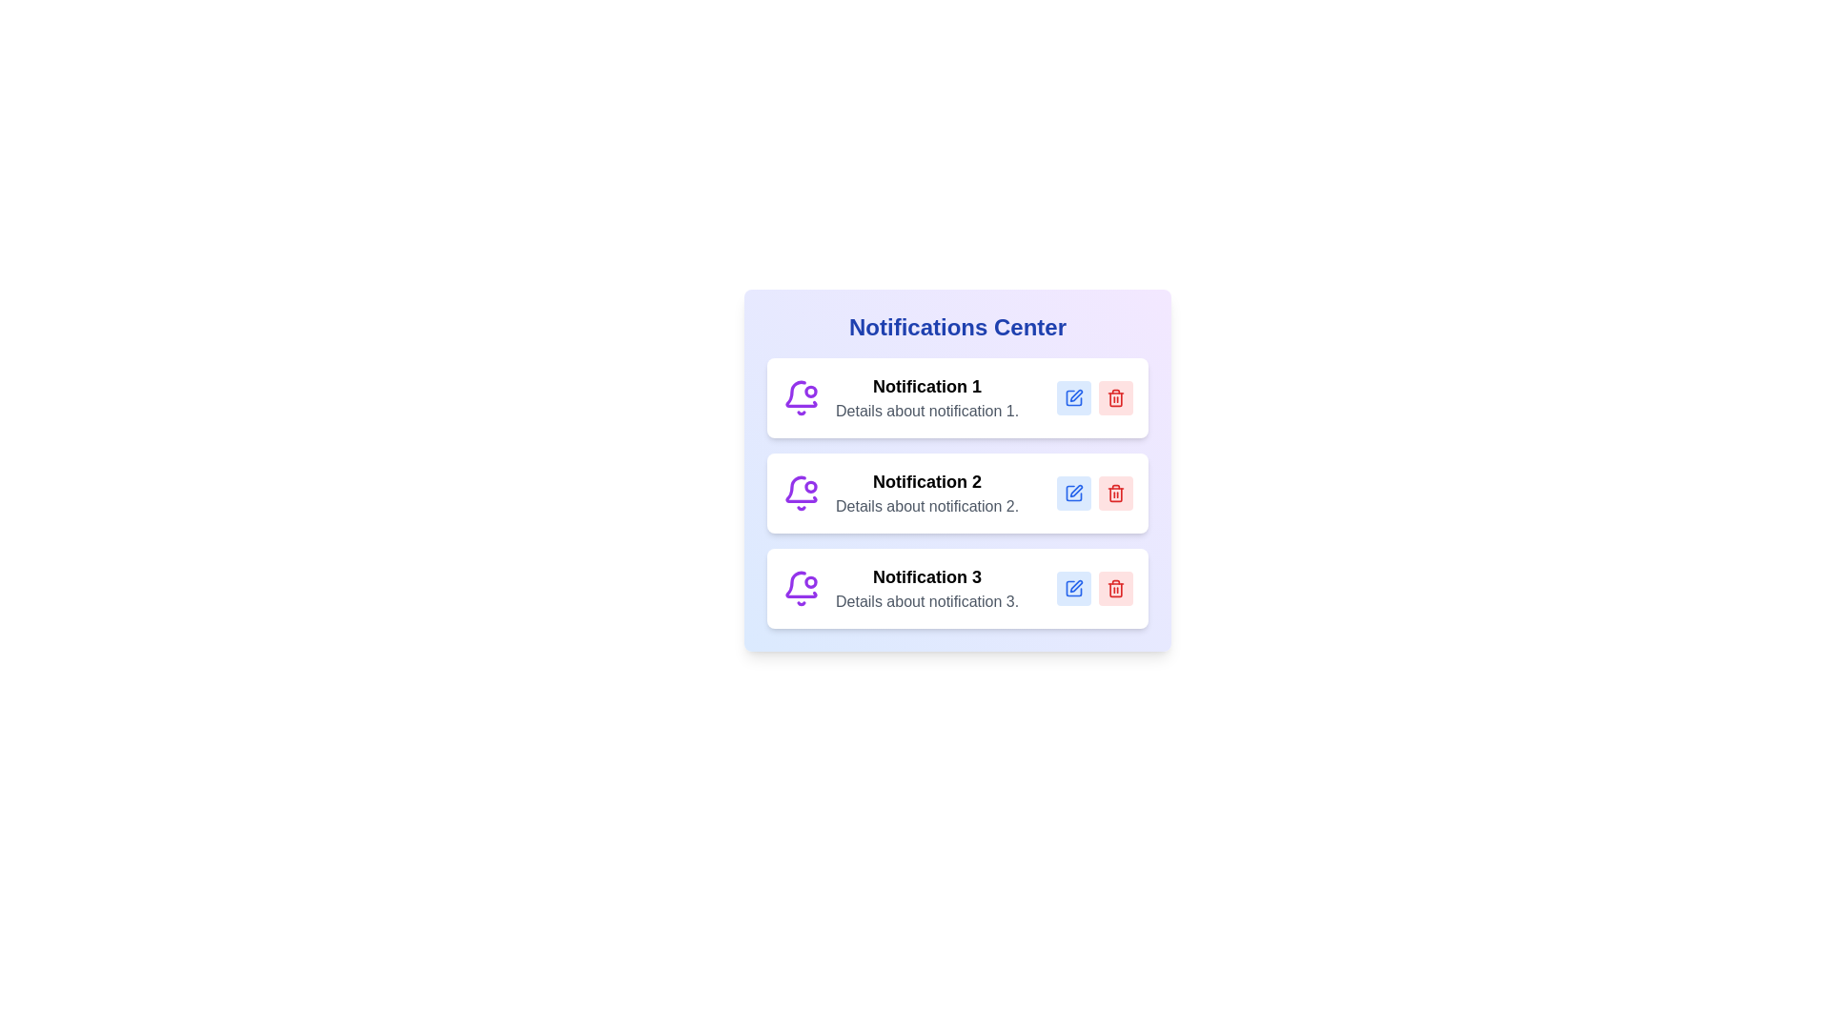 The image size is (1830, 1029). I want to click on the delete icon button located next to the blue edit icon in the 'Notification 1' list, so click(1116, 396).